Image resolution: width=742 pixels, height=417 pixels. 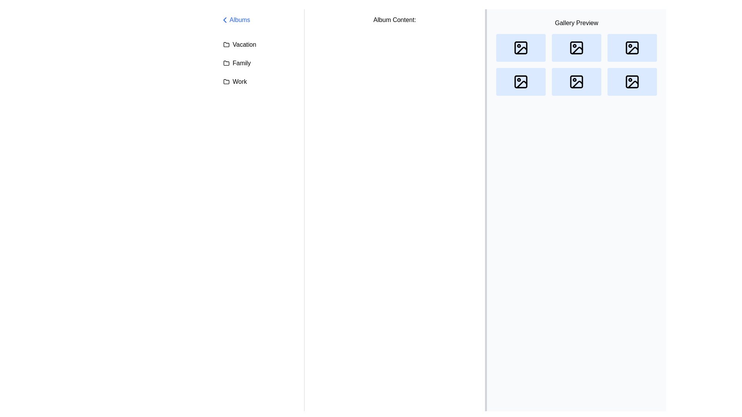 I want to click on the back navigation icon located at the leftmost edge of the 'Albums' label, so click(x=224, y=19).